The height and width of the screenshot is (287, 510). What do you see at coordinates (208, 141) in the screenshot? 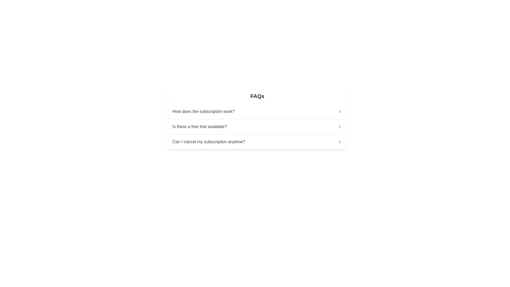
I see `the third question text label in the FAQ section regarding subscription cancellation, located below the inquiry about free trials` at bounding box center [208, 141].